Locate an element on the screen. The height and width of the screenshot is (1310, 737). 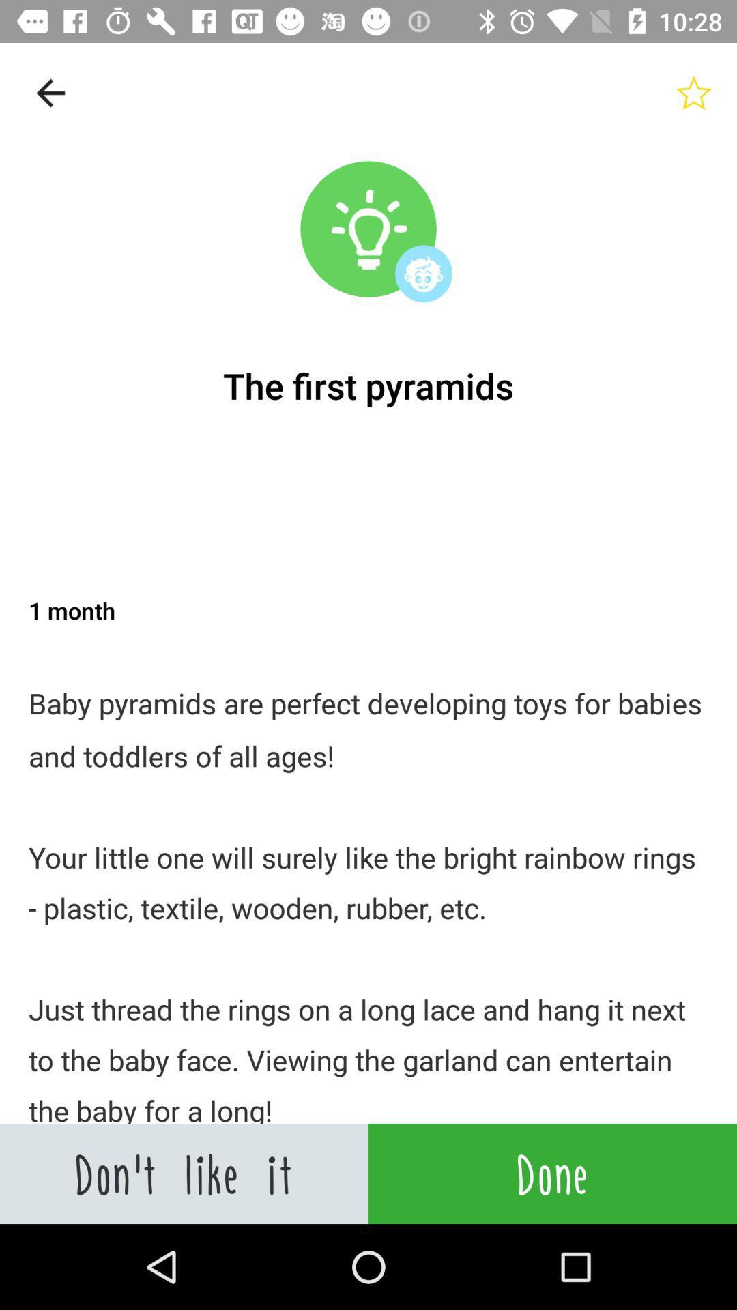
item at the top left corner is located at coordinates (49, 92).